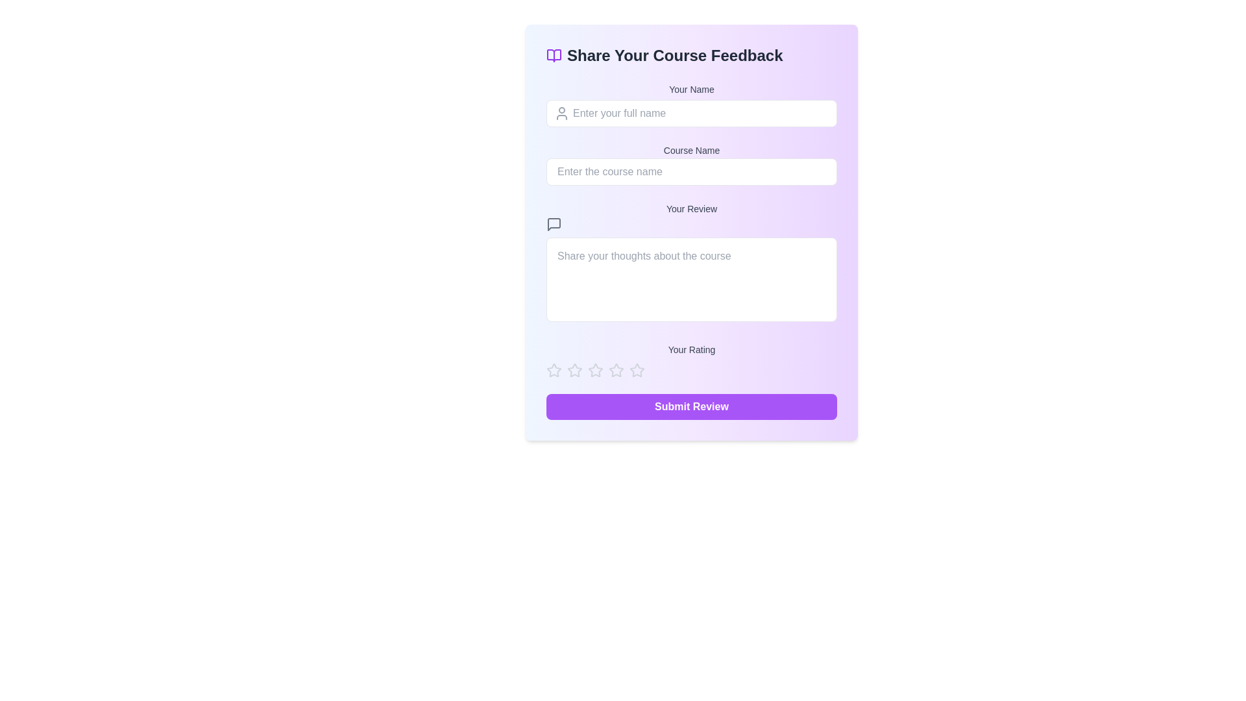  What do you see at coordinates (554, 370) in the screenshot?
I see `the first star-shaped rating icon in the 'Your Rating' section` at bounding box center [554, 370].